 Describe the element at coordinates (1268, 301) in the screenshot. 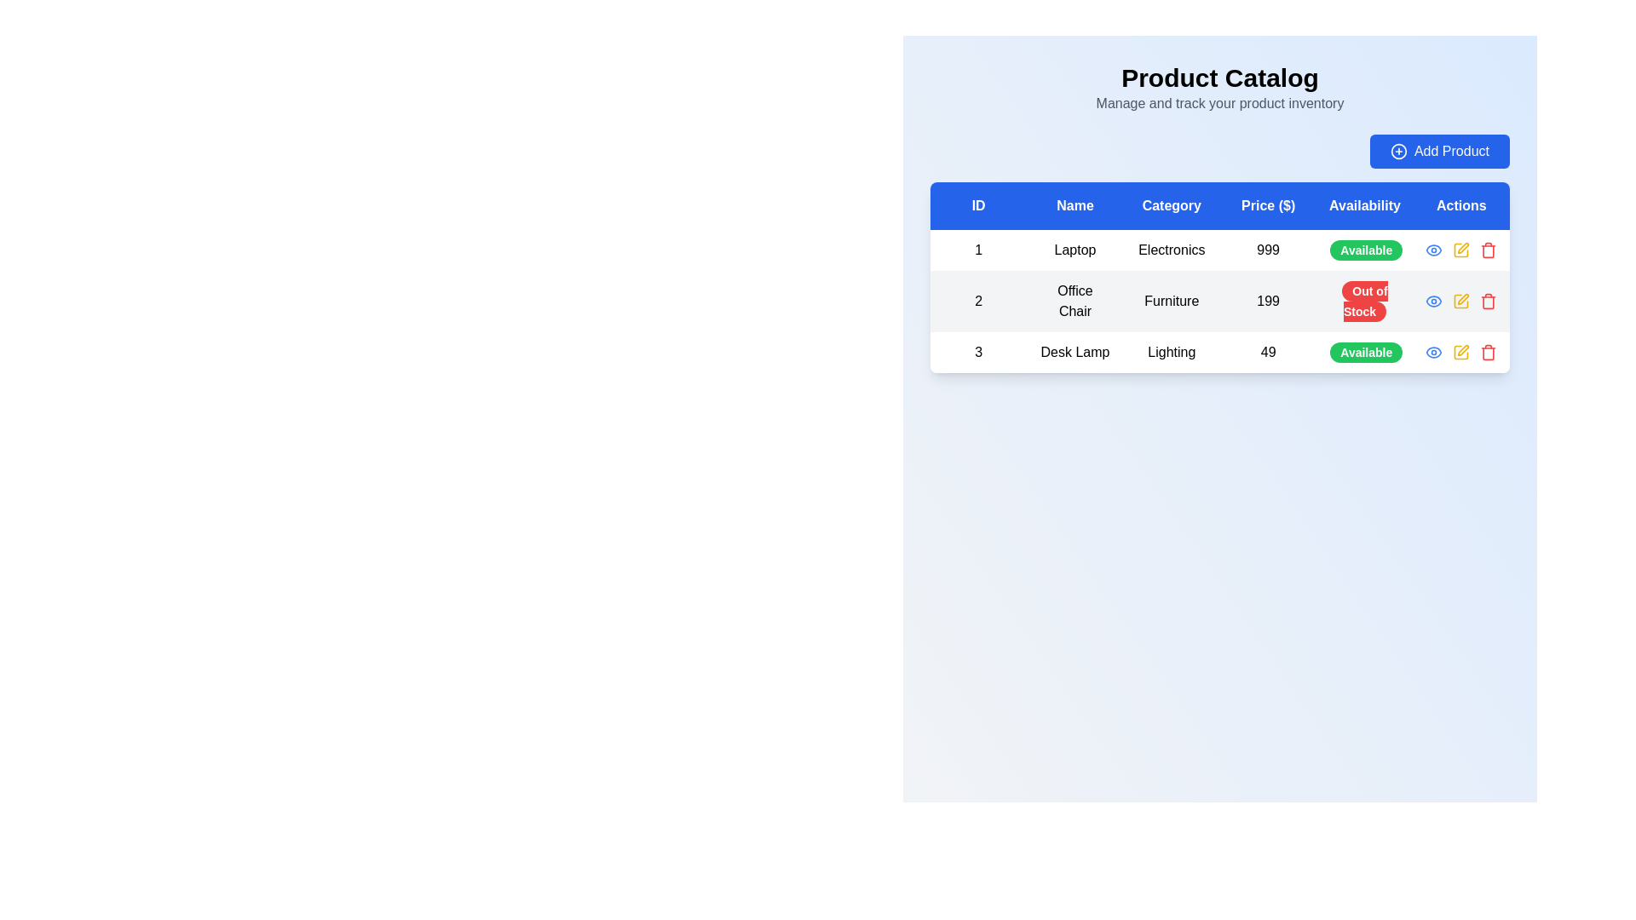

I see `the numeric text field displaying '199' in the 'Price ($)' column of the 'Office Chair' entry in the 'Product Catalog' table` at that location.